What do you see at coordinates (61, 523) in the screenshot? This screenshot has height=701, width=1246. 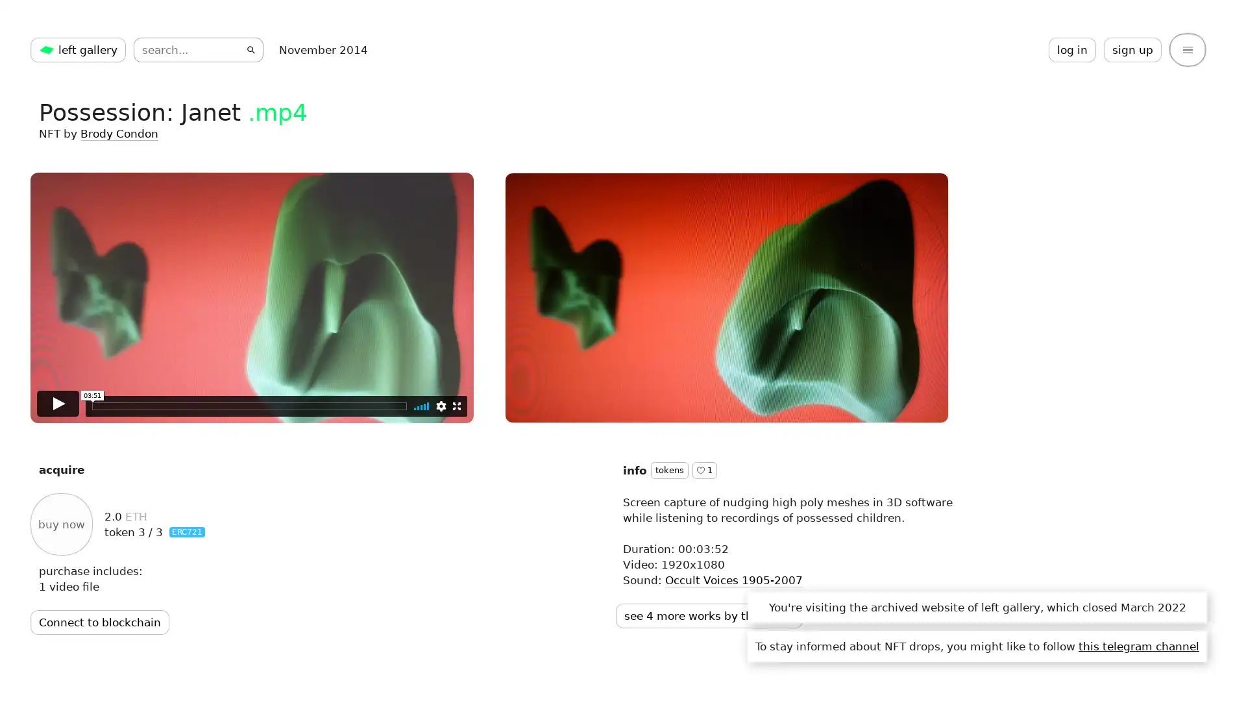 I see `buy now` at bounding box center [61, 523].